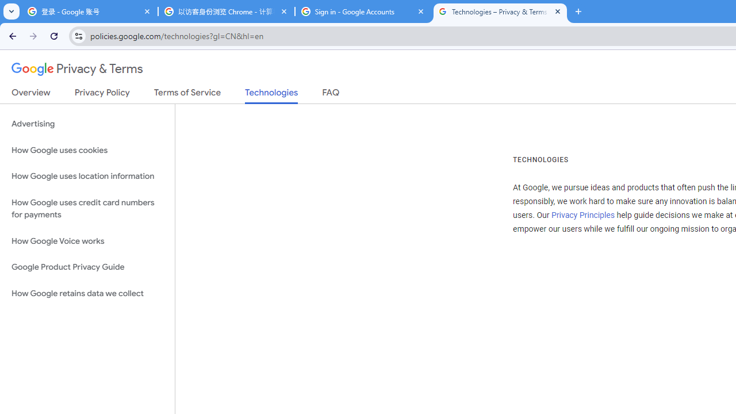  I want to click on 'Privacy Principles', so click(582, 215).